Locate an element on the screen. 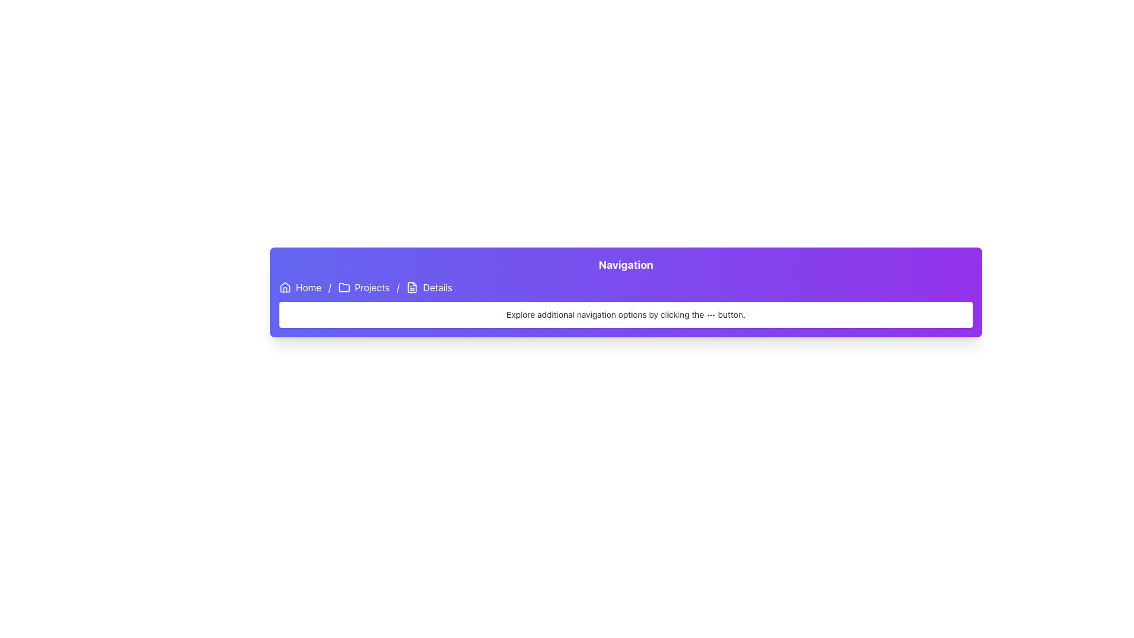  the breadcrumb delimiter text located in the navigation bar between 'Projects' and 'Details', which visually separates the sections in the breadcrumb navigation is located at coordinates (330, 287).